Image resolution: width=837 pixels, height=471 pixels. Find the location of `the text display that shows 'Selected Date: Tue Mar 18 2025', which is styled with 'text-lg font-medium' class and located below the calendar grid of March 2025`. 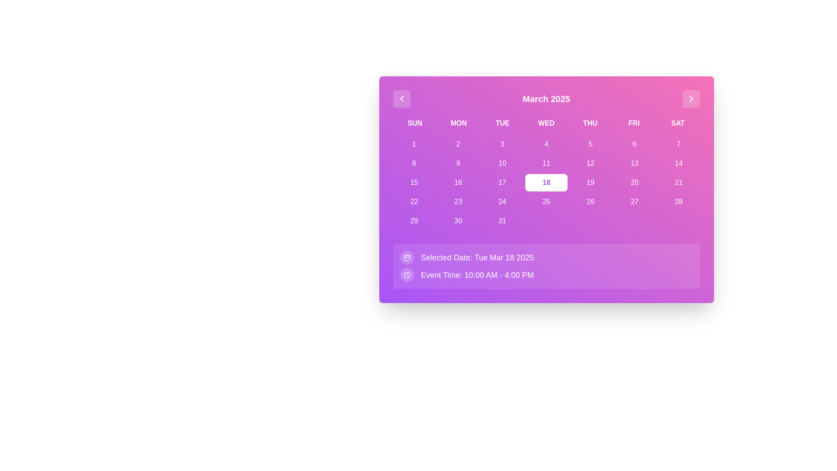

the text display that shows 'Selected Date: Tue Mar 18 2025', which is styled with 'text-lg font-medium' class and located below the calendar grid of March 2025 is located at coordinates (477, 257).